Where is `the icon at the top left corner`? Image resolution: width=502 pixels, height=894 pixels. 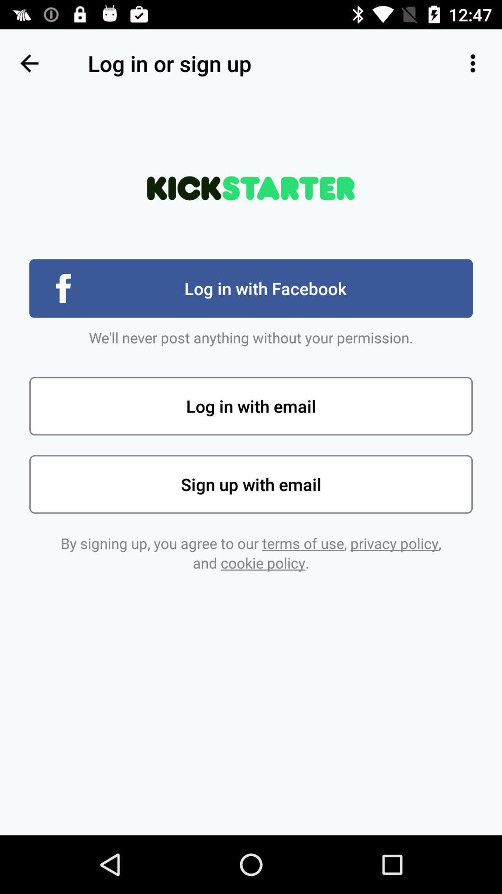 the icon at the top left corner is located at coordinates (28, 63).